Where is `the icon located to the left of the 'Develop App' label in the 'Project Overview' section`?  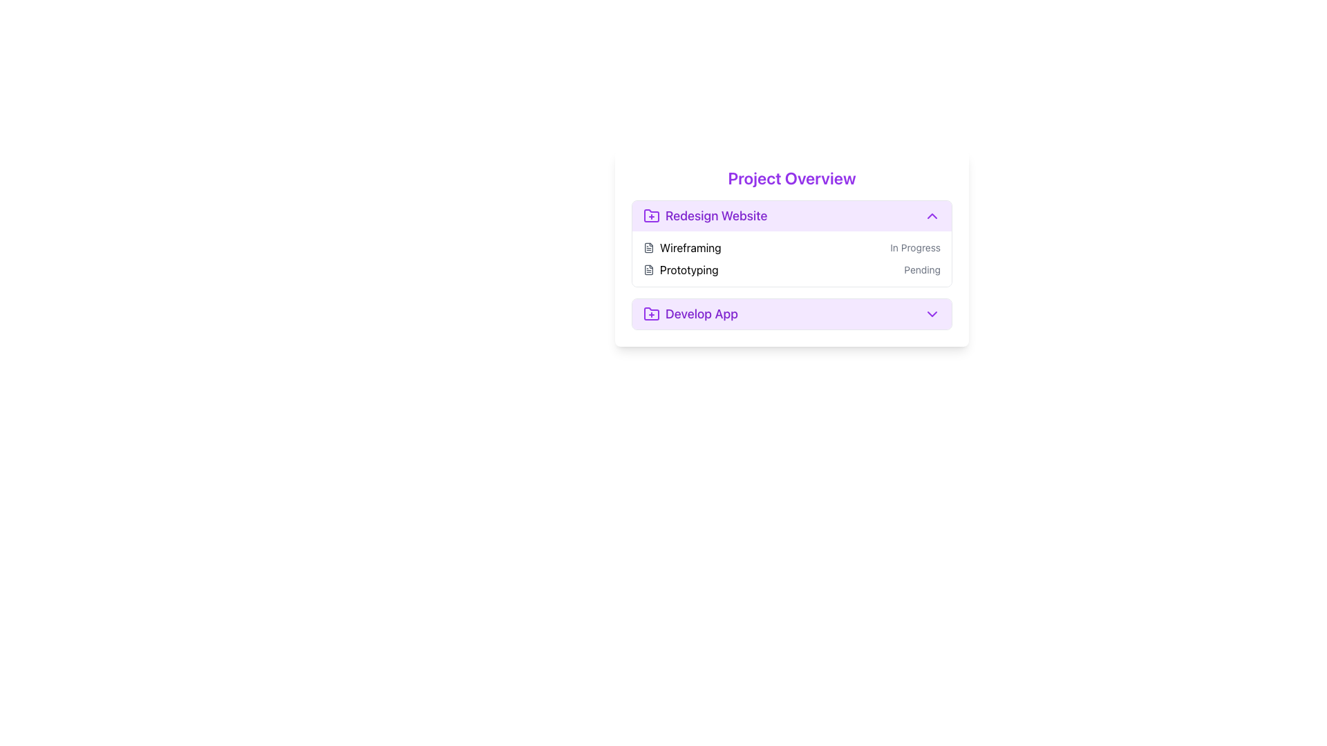 the icon located to the left of the 'Develop App' label in the 'Project Overview' section is located at coordinates (650, 314).